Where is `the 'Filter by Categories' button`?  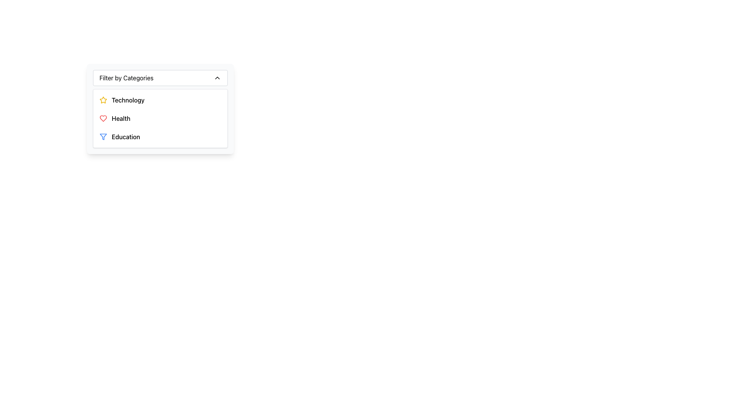 the 'Filter by Categories' button is located at coordinates (160, 78).